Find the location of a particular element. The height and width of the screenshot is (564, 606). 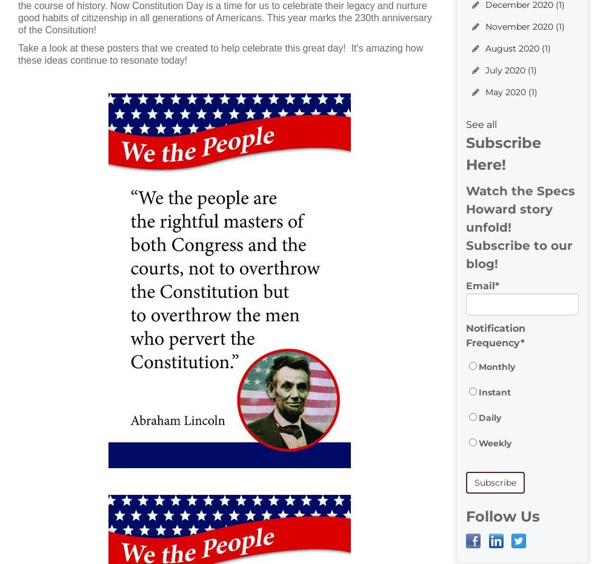

'November 2020' is located at coordinates (485, 25).